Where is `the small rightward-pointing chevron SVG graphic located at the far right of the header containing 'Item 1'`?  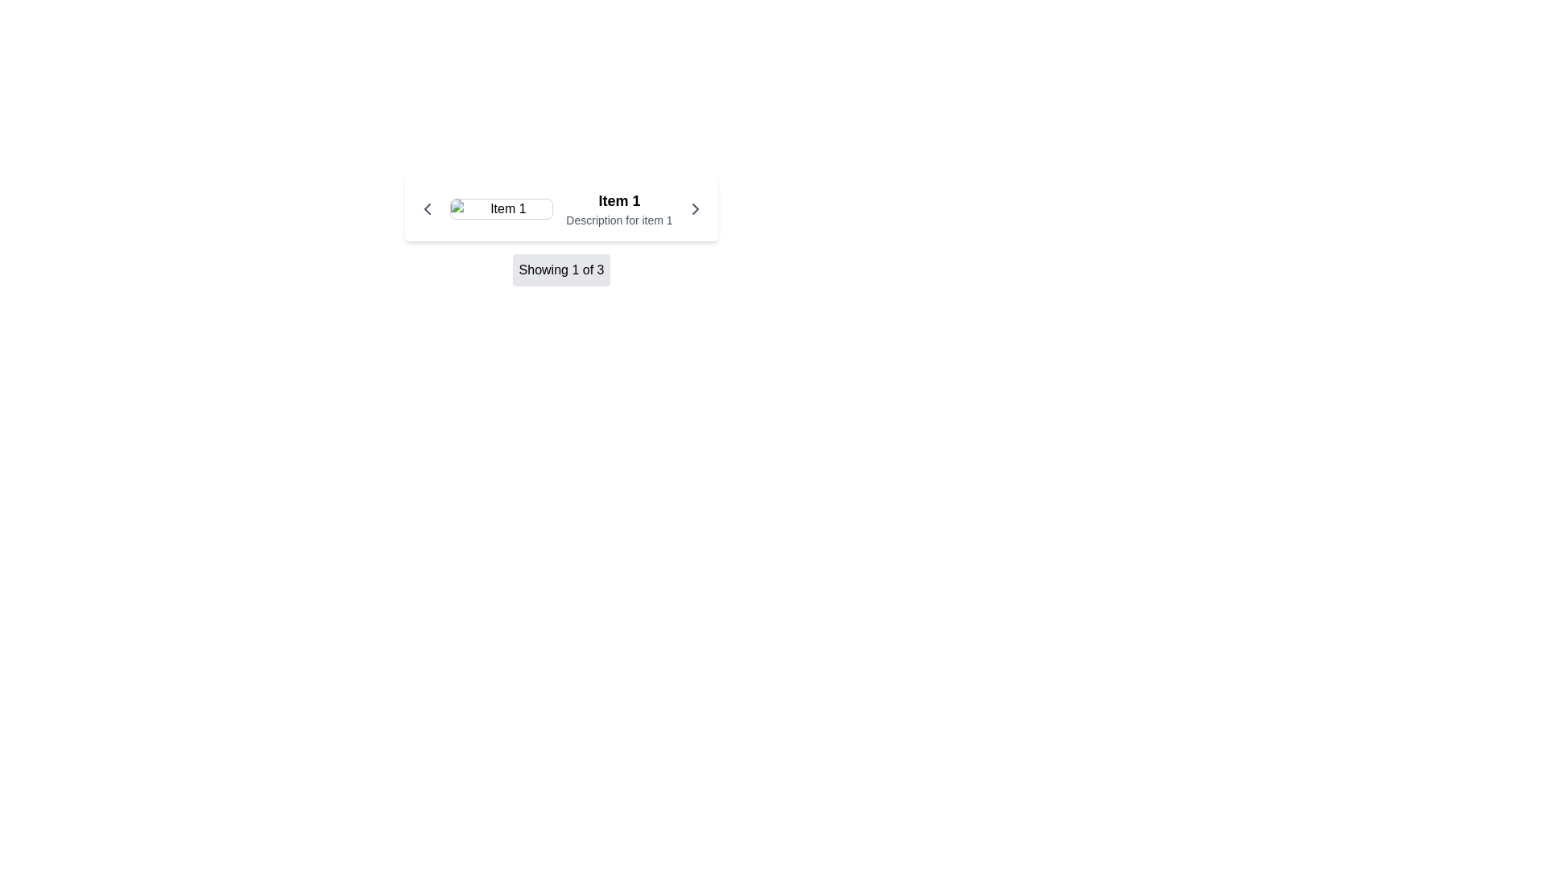
the small rightward-pointing chevron SVG graphic located at the far right of the header containing 'Item 1' is located at coordinates (695, 208).